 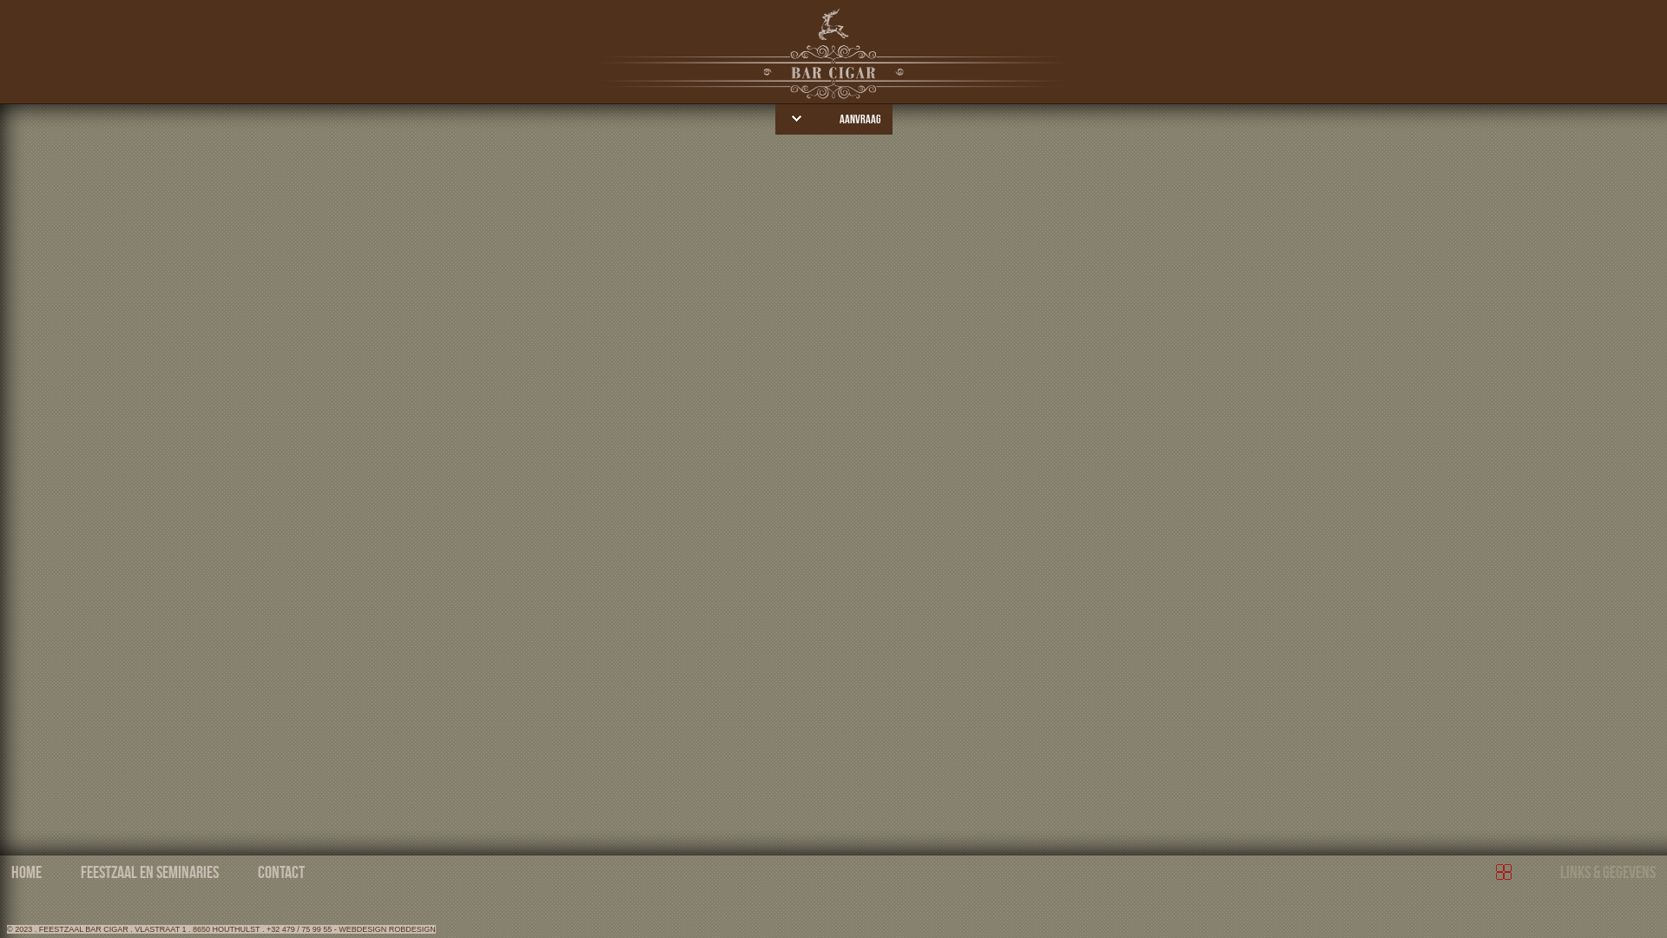 I want to click on 'FEESTZAAL EN SEMINARIES', so click(x=149, y=871).